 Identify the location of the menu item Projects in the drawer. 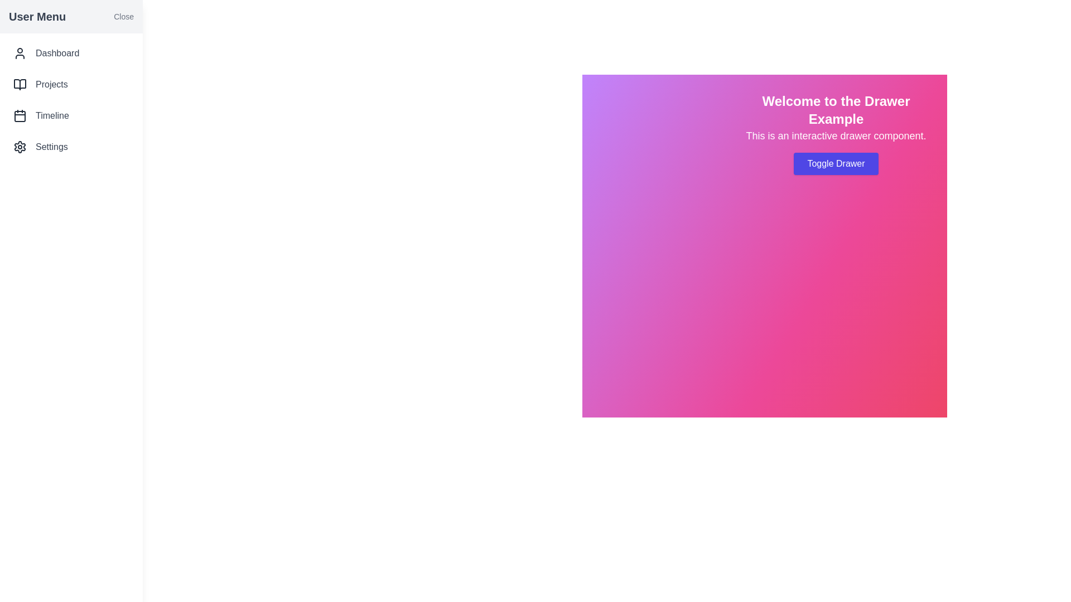
(71, 84).